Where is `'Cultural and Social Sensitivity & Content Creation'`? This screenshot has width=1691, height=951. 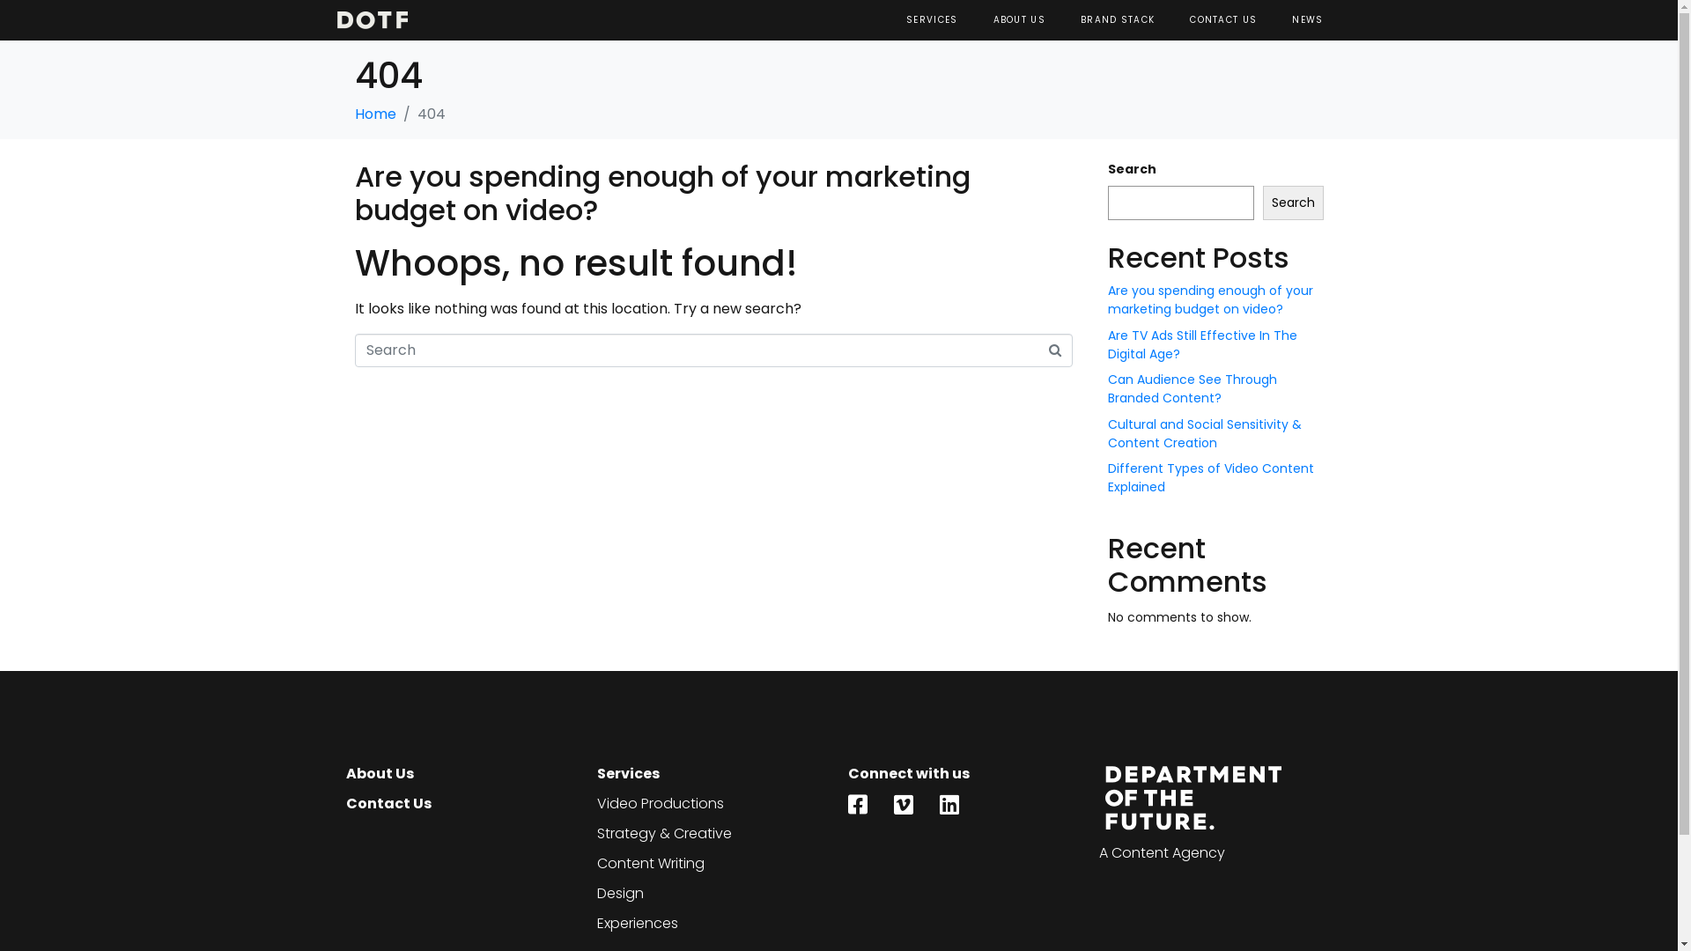 'Cultural and Social Sensitivity & Content Creation' is located at coordinates (1106, 433).